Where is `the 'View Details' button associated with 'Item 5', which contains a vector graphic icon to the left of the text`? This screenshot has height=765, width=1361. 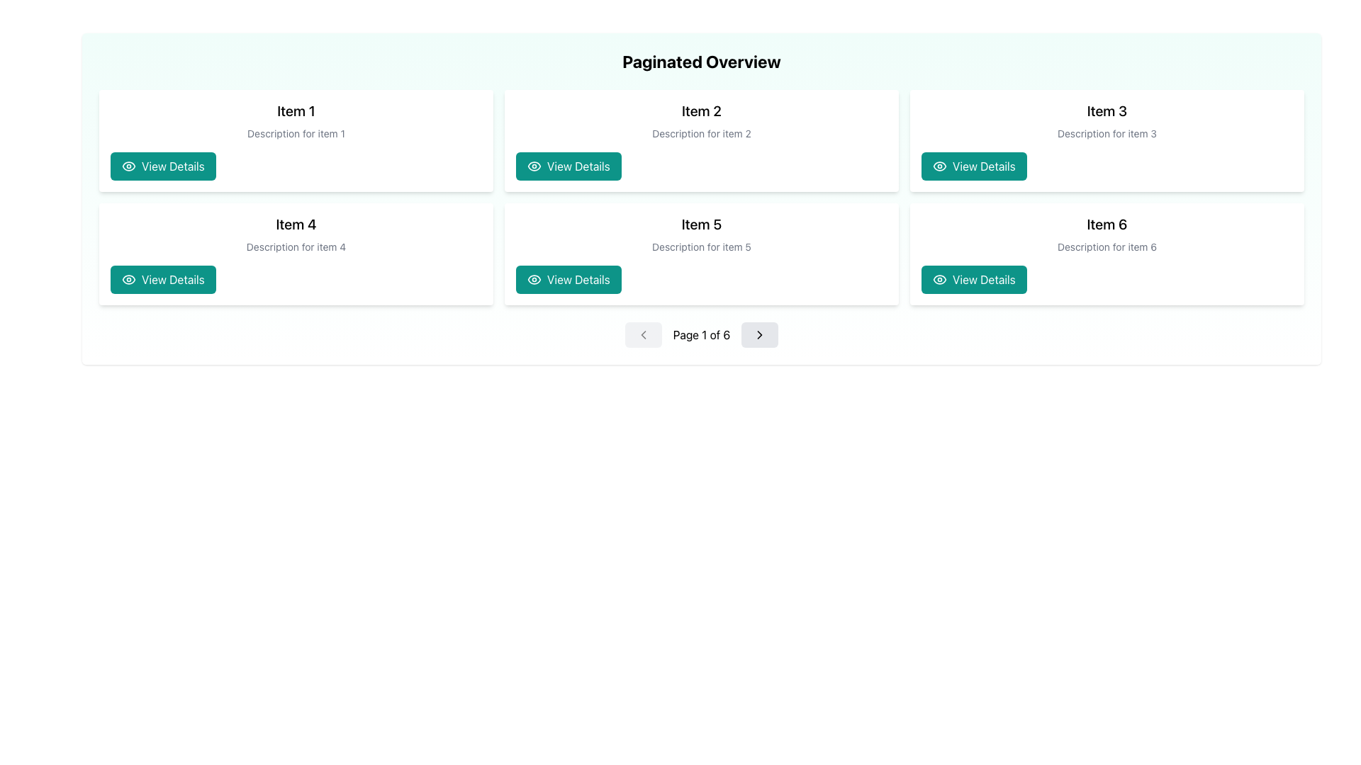 the 'View Details' button associated with 'Item 5', which contains a vector graphic icon to the left of the text is located at coordinates (533, 279).